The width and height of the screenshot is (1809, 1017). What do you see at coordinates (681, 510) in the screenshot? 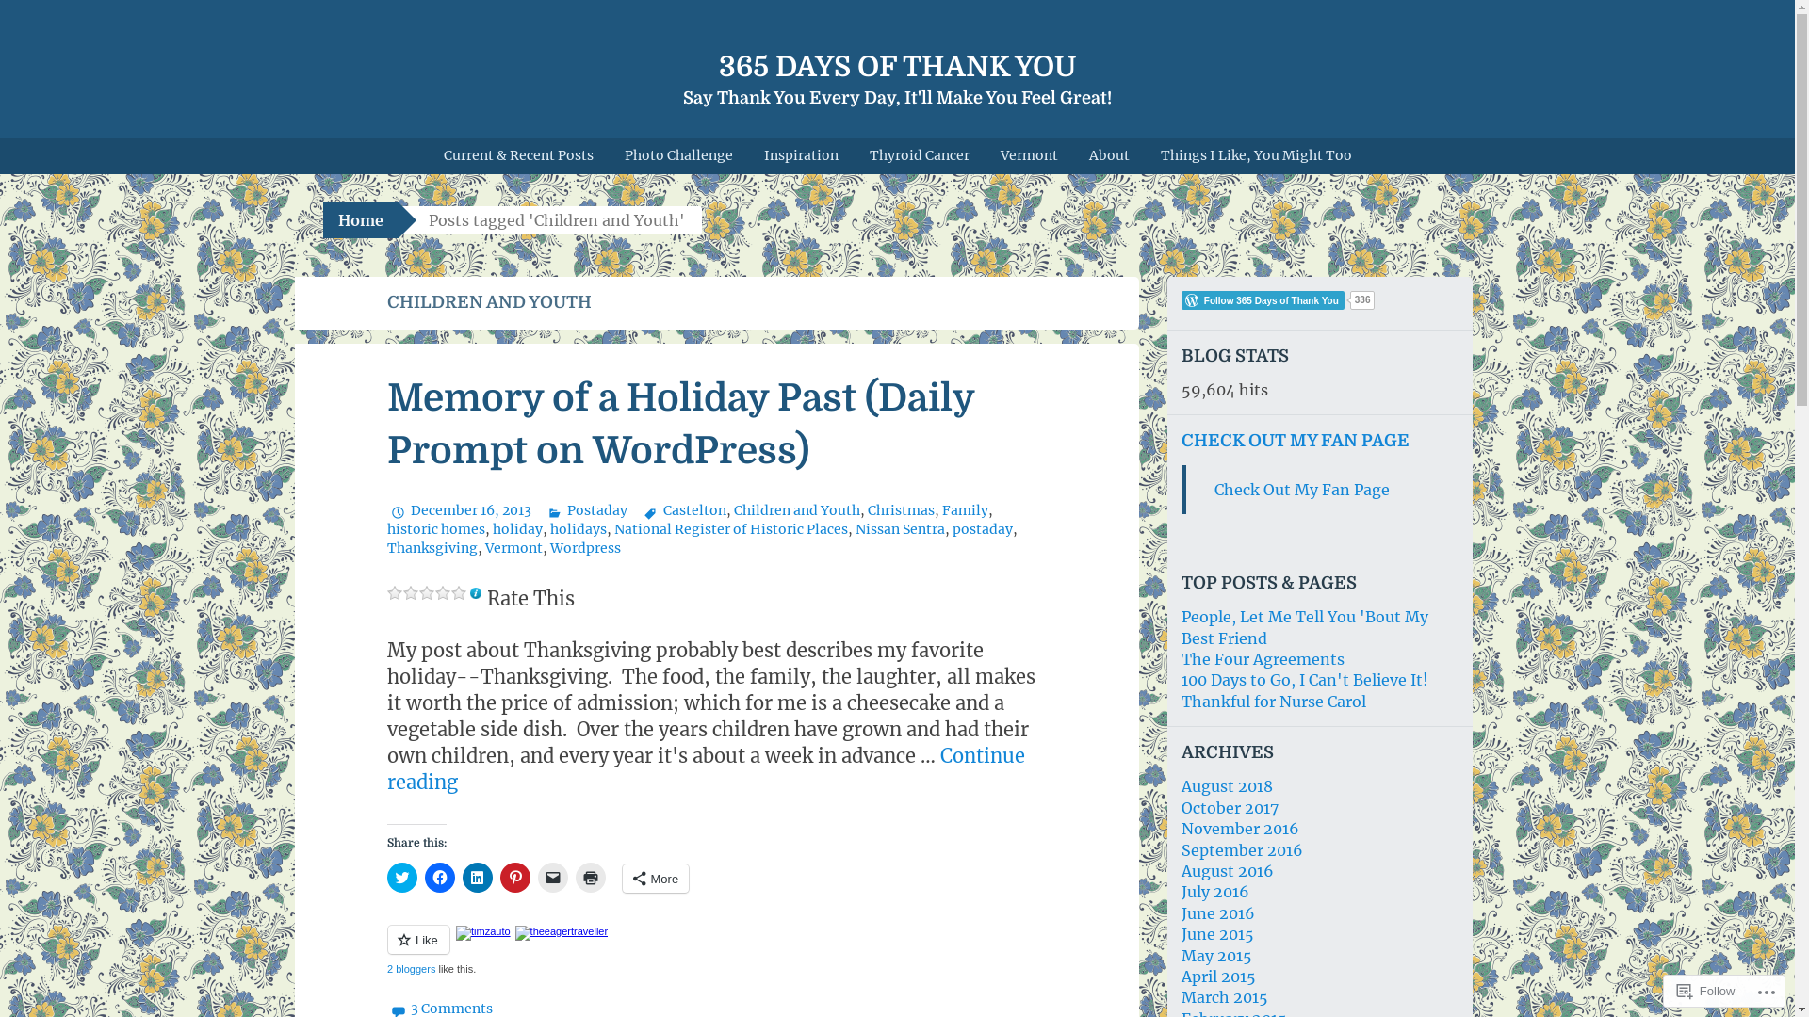
I see `'Castelton'` at bounding box center [681, 510].